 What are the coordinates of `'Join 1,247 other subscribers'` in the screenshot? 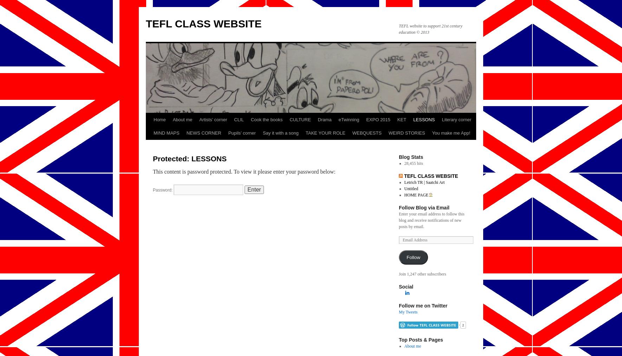 It's located at (422, 274).